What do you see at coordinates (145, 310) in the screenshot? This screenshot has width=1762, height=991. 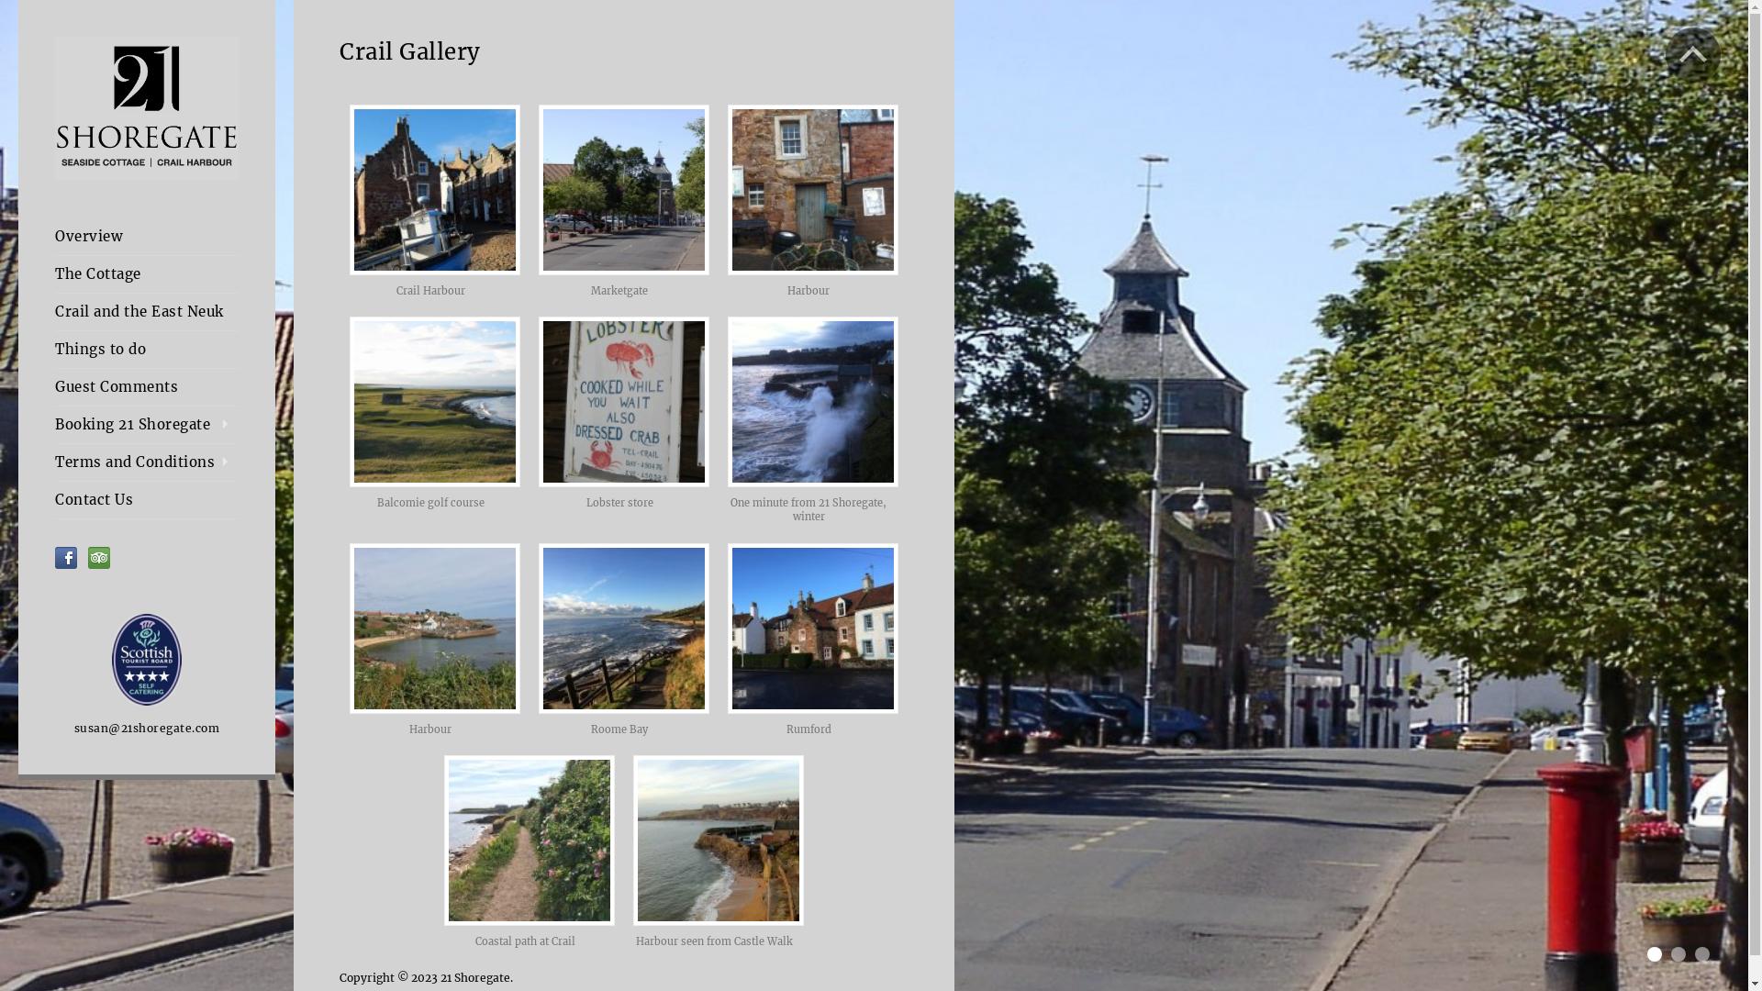 I see `'Crail and the East Neuk'` at bounding box center [145, 310].